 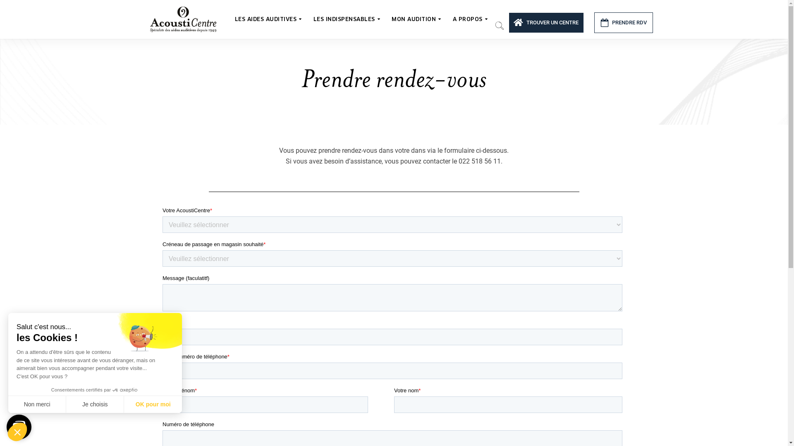 I want to click on 'TROUVER UN CENTRE', so click(x=546, y=22).